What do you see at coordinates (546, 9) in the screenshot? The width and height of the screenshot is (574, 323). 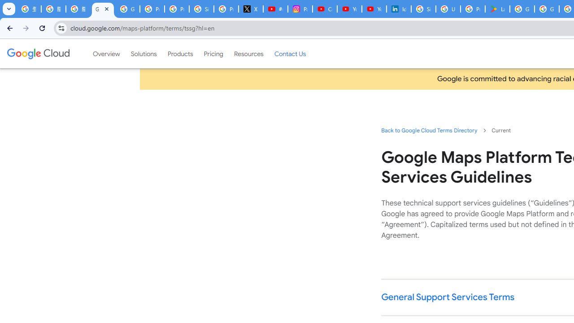 I see `'Google Workspace - Specific Terms'` at bounding box center [546, 9].